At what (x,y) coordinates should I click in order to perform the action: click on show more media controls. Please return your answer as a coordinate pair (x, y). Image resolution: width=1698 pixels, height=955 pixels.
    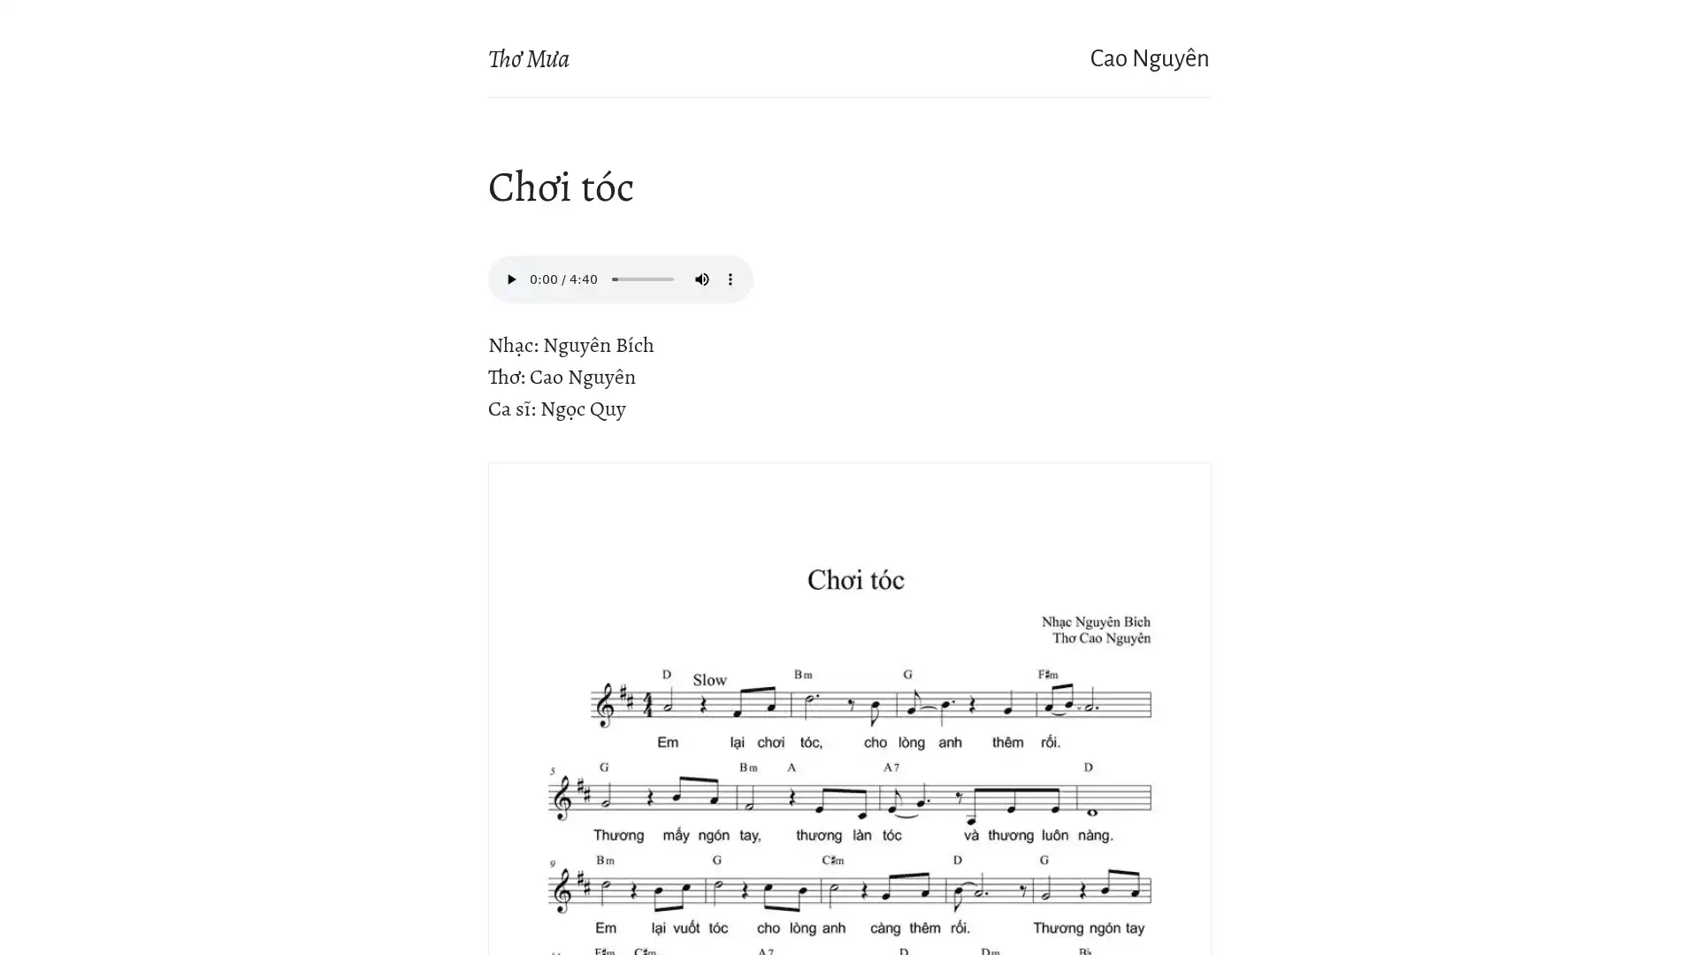
    Looking at the image, I should click on (730, 279).